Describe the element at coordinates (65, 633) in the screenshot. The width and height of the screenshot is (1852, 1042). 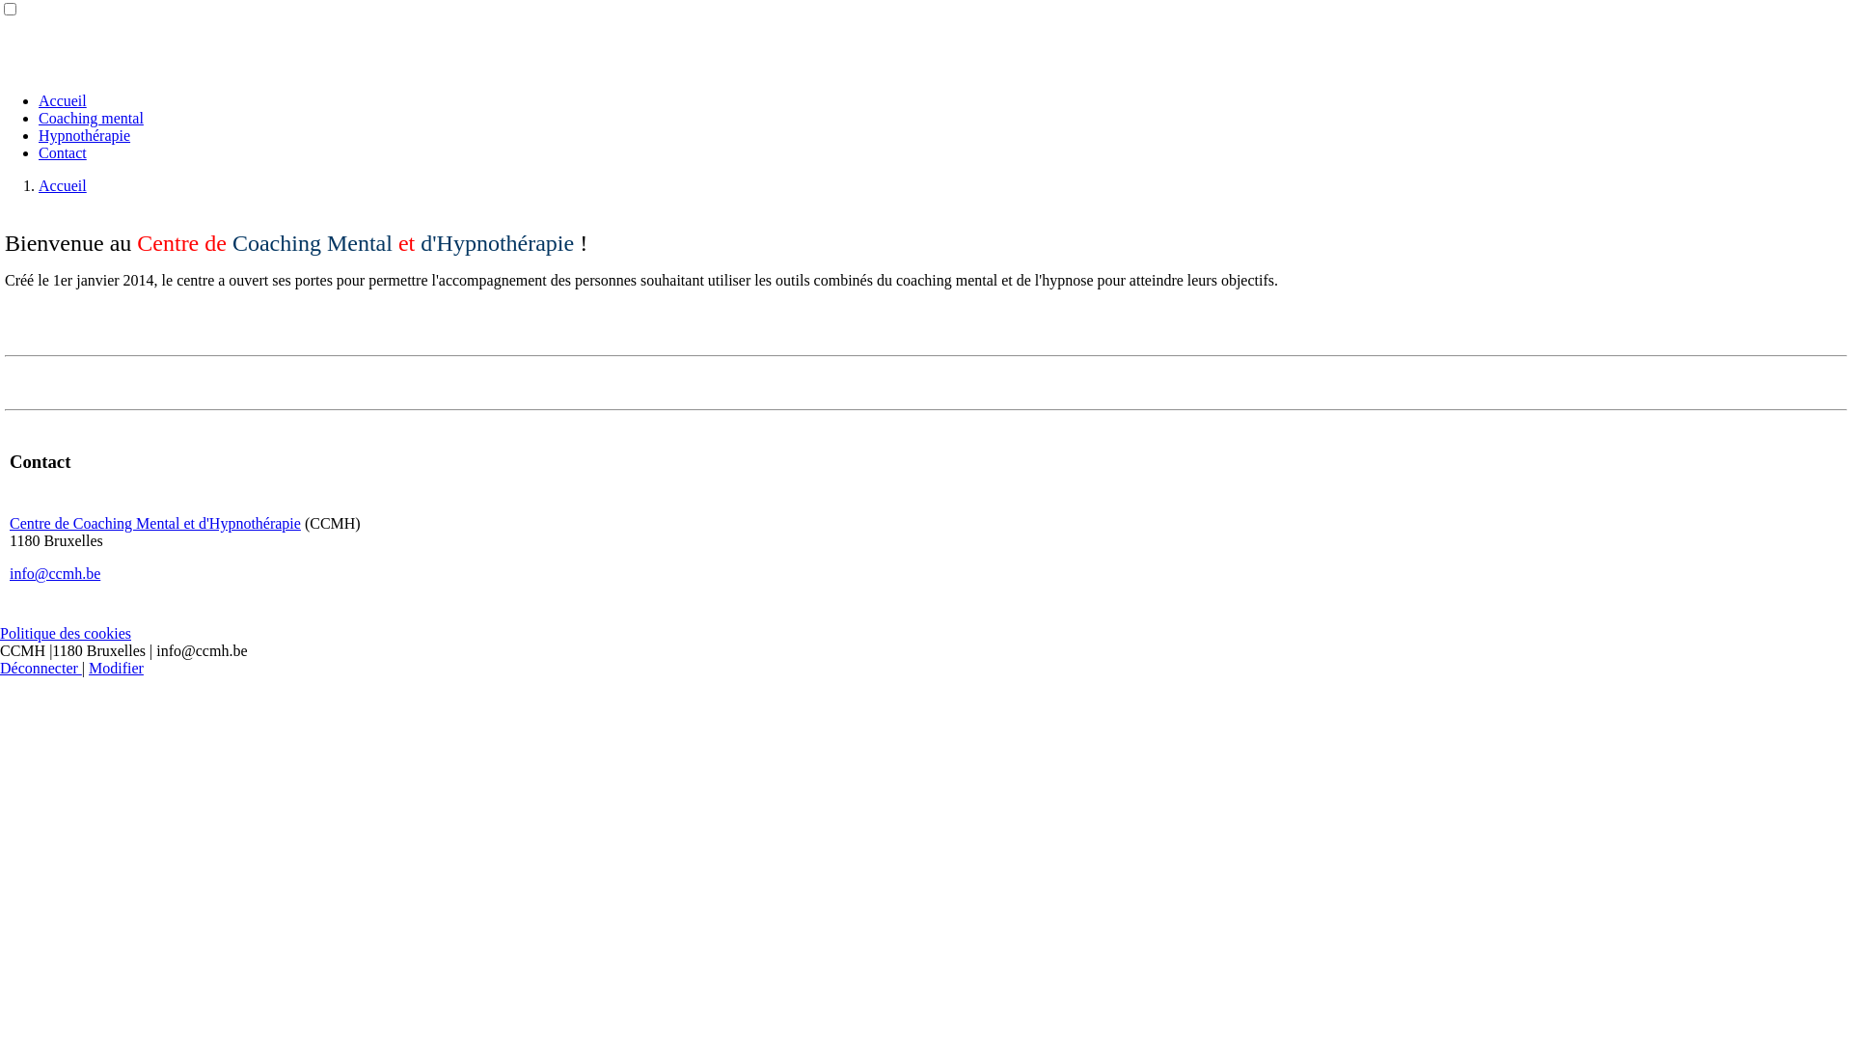
I see `'Politique des cookies'` at that location.